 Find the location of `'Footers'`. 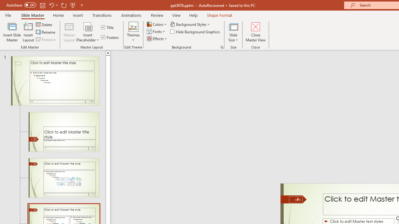

'Footers' is located at coordinates (110, 37).